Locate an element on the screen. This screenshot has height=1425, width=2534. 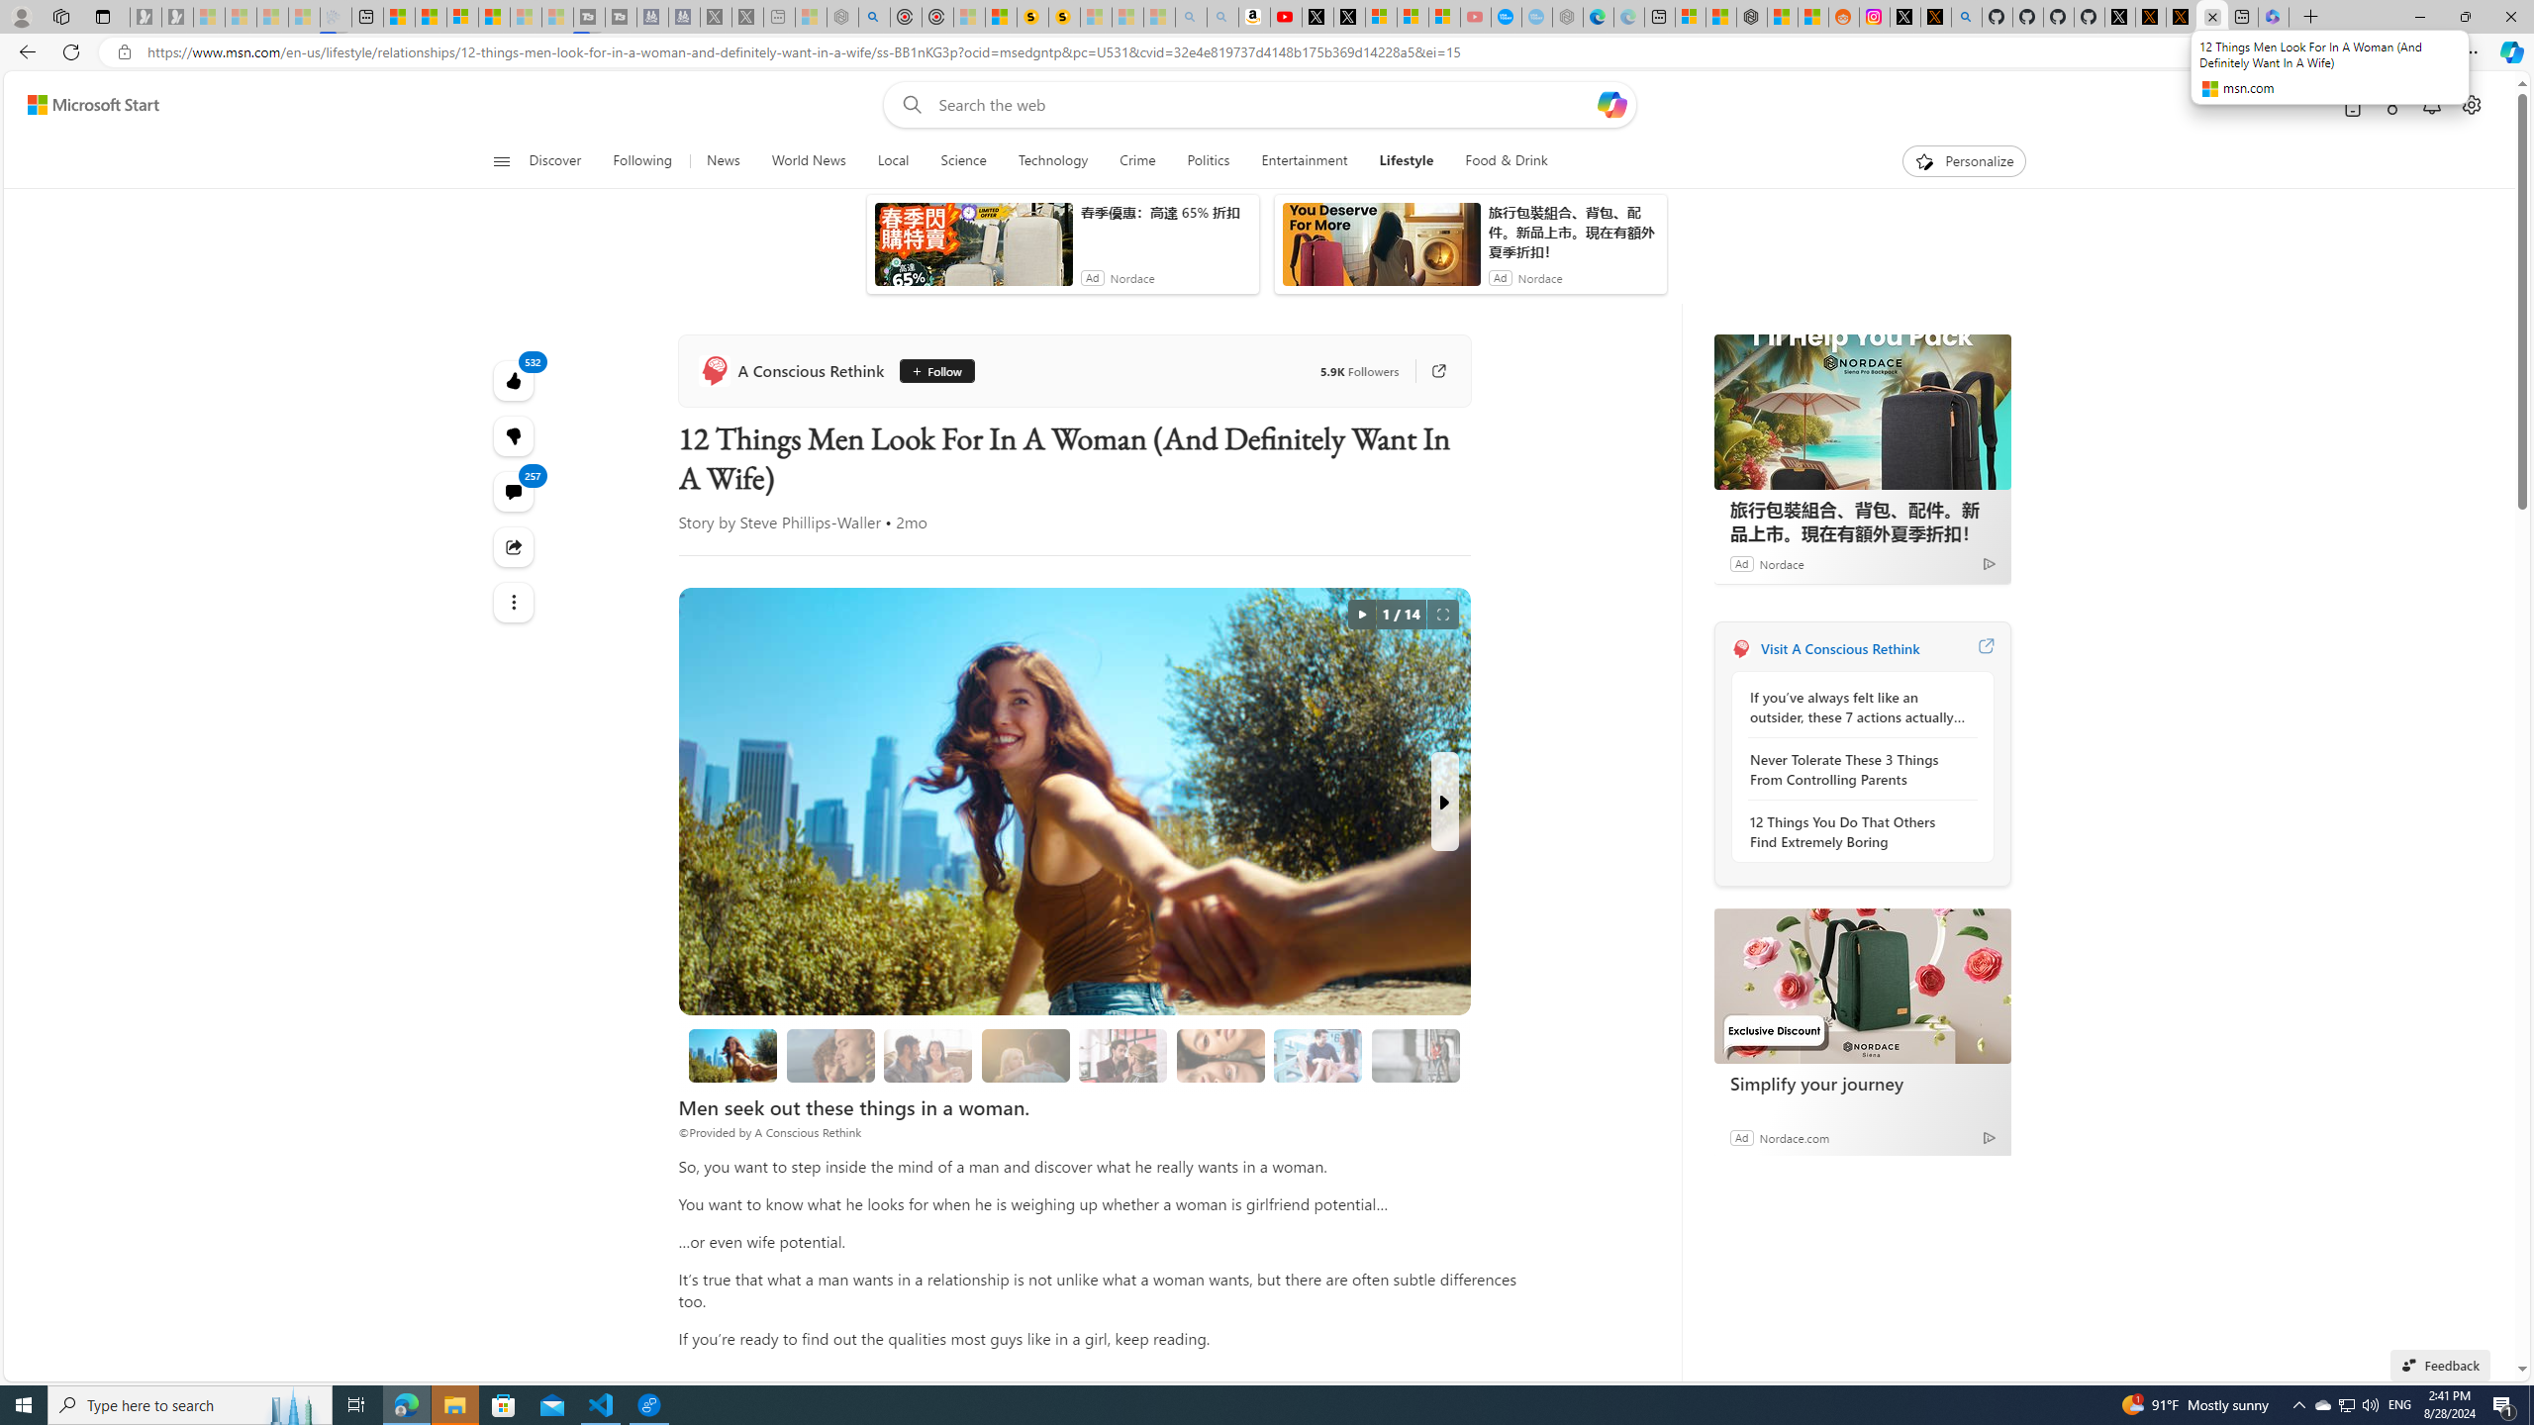
'4. She is supportive.' is located at coordinates (1121, 1055).